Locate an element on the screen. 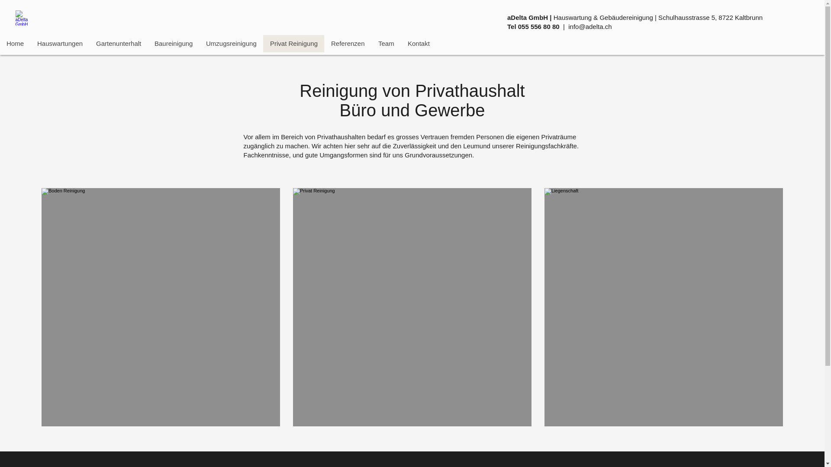  'Gartenunterhalt' is located at coordinates (118, 43).